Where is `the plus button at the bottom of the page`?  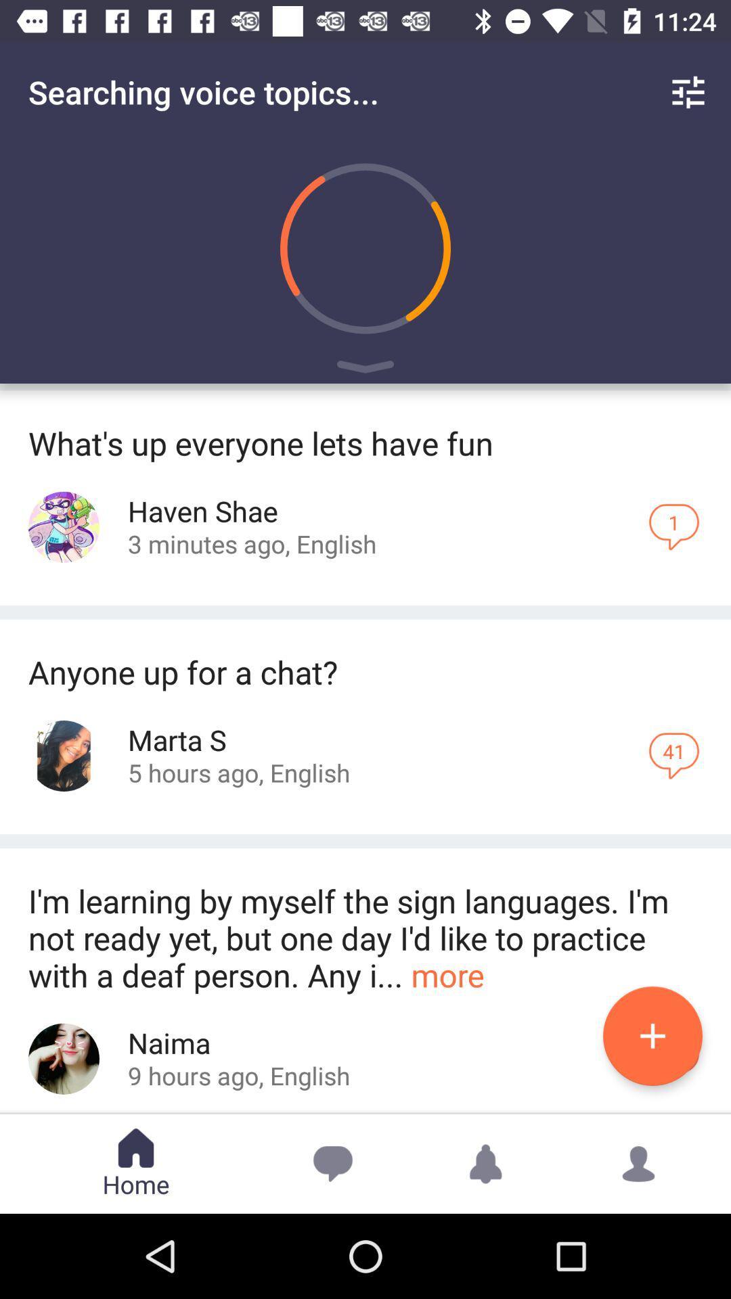
the plus button at the bottom of the page is located at coordinates (652, 1035).